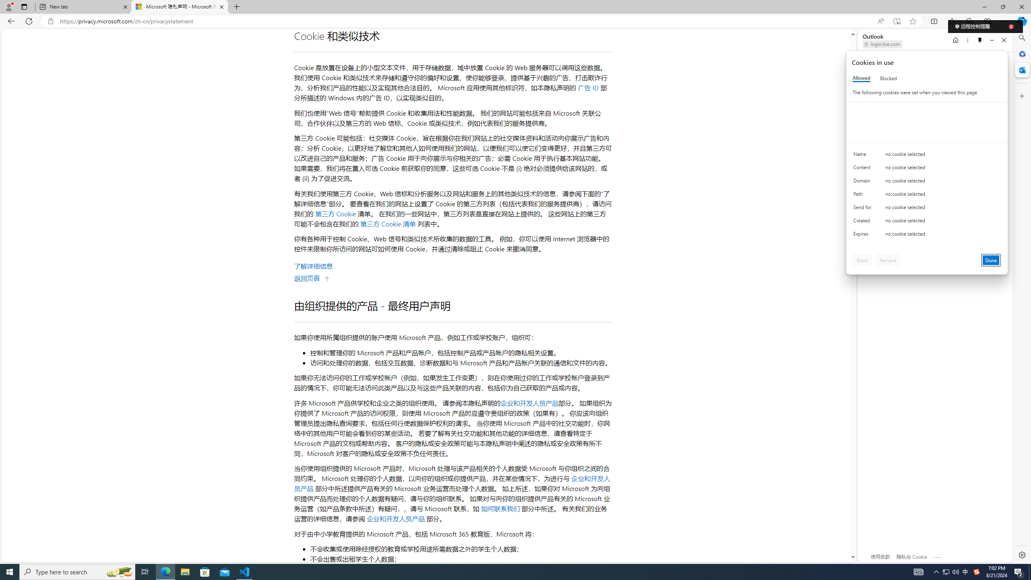 The image size is (1031, 580). Describe the element at coordinates (863, 222) in the screenshot. I see `'Created'` at that location.